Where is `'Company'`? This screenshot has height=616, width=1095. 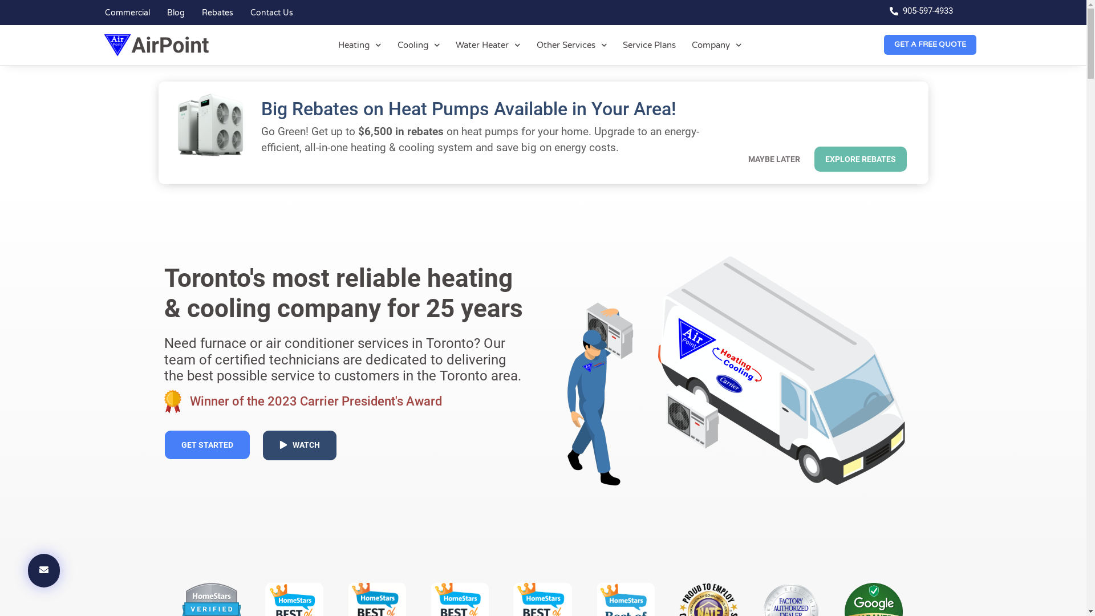
'Company' is located at coordinates (716, 44).